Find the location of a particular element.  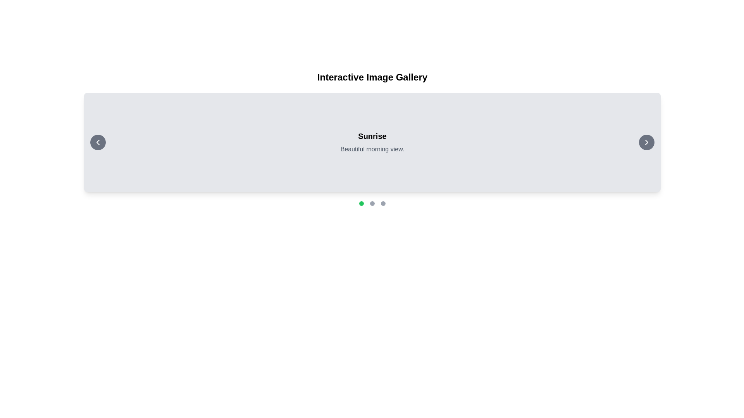

the circular button with a dark gray background and a white rightward pointing arrow icon is located at coordinates (647, 142).